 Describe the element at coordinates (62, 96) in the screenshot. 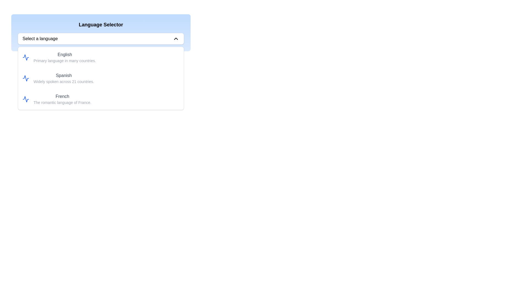

I see `the static text element displaying 'French', which is the third language option in the list, positioned between 'Spanish' and the end of the dropdown menu under the 'Language Selector' header` at that location.